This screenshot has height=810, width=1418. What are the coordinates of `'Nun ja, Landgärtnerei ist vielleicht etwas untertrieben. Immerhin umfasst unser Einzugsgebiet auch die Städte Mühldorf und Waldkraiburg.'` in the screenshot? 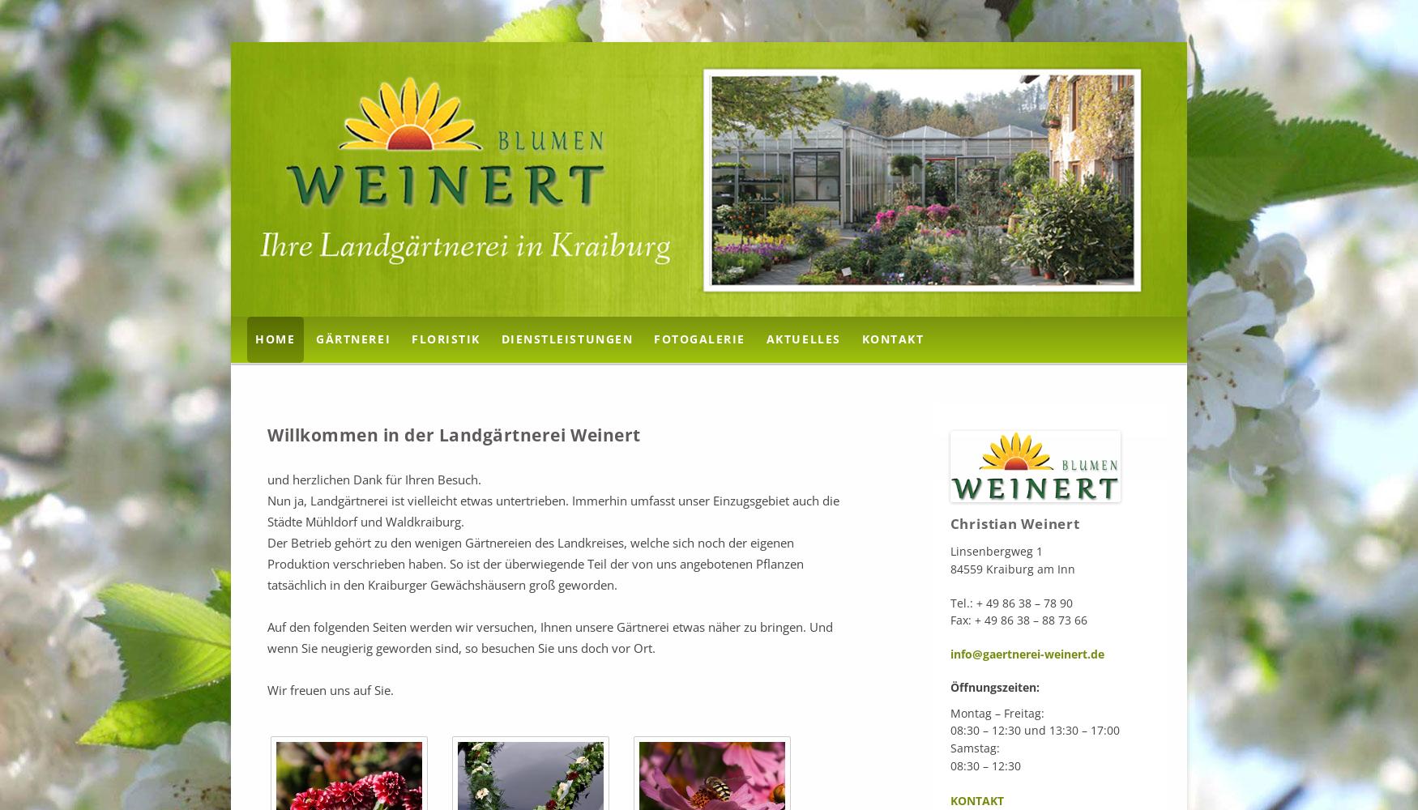 It's located at (553, 510).